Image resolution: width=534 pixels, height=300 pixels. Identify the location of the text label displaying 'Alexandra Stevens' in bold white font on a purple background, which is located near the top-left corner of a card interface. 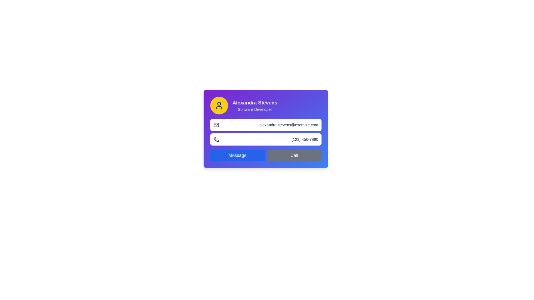
(254, 103).